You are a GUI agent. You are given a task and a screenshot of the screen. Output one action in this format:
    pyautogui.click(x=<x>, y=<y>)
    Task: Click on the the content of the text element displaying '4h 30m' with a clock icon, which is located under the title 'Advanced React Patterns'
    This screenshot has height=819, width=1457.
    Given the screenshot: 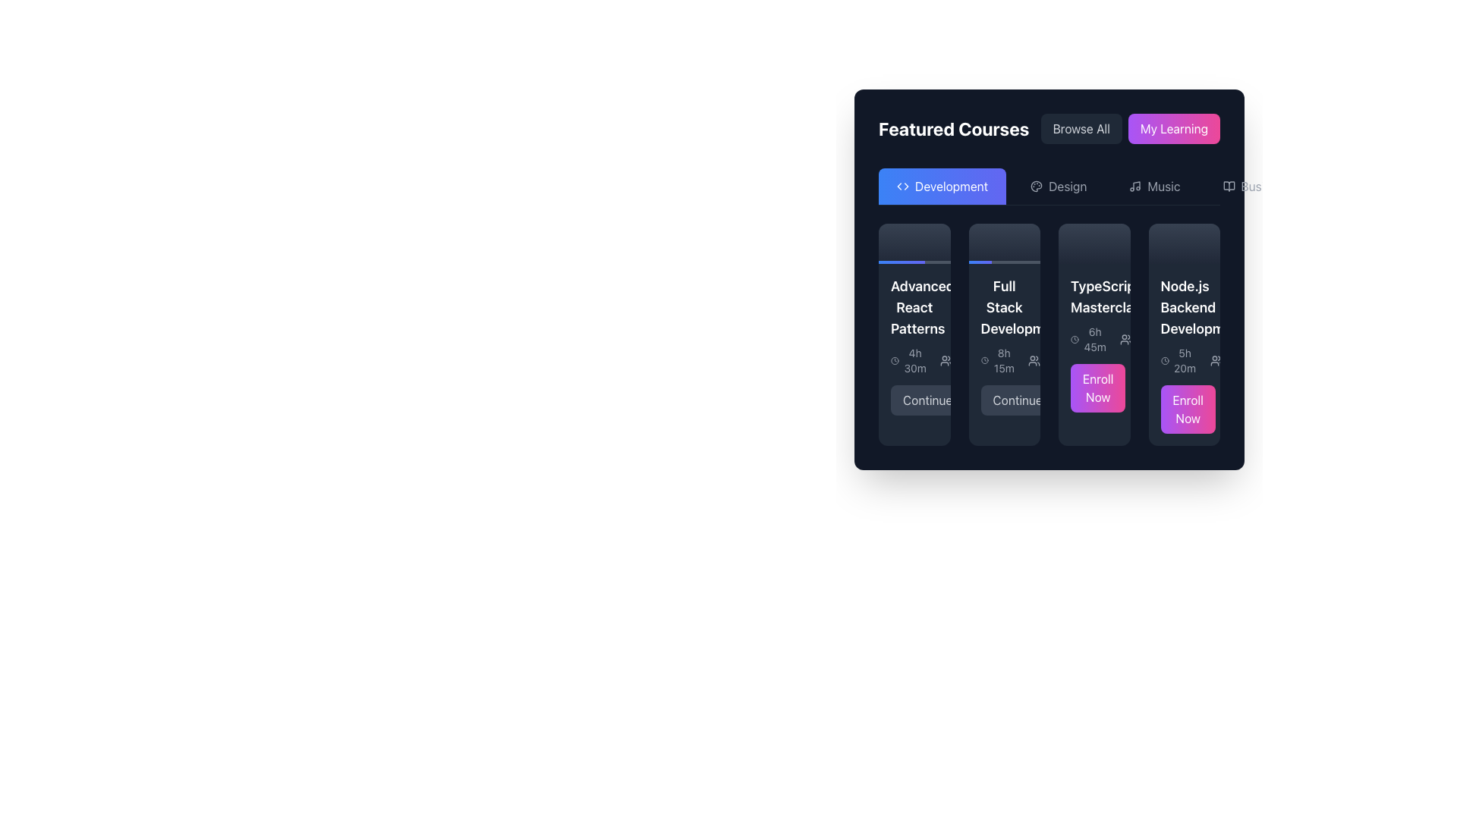 What is the action you would take?
    pyautogui.click(x=914, y=361)
    